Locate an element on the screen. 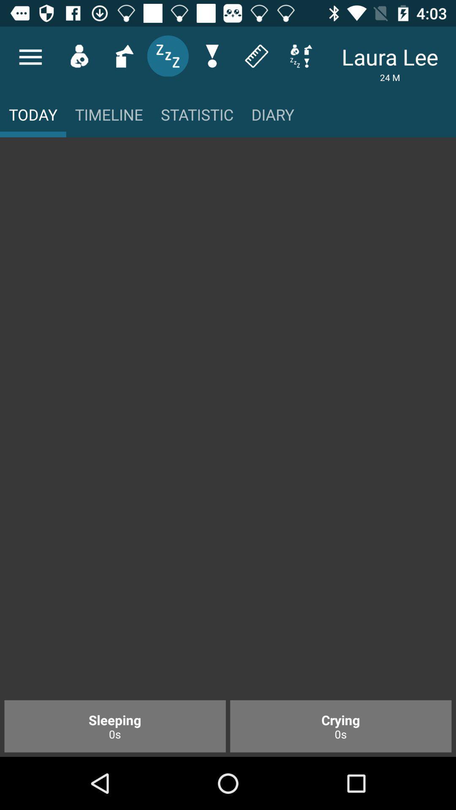 The width and height of the screenshot is (456, 810). the icon at the bottom left corner is located at coordinates (115, 726).